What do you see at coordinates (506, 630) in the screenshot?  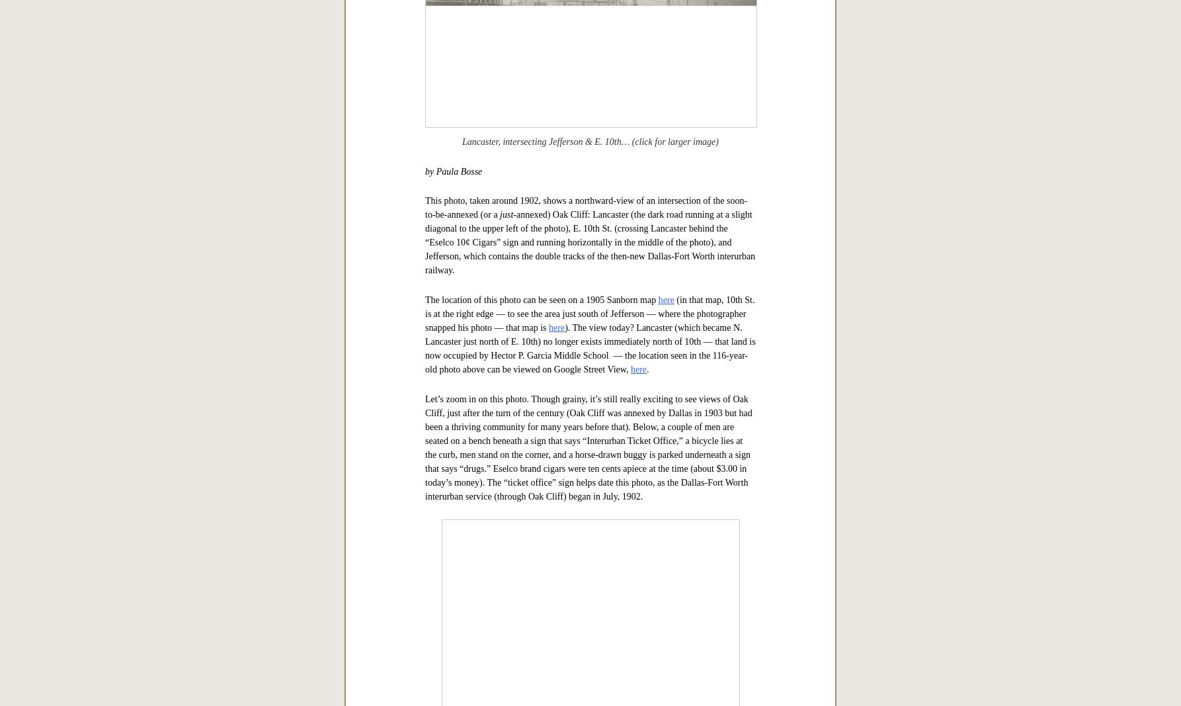 I see `'just'` at bounding box center [506, 630].